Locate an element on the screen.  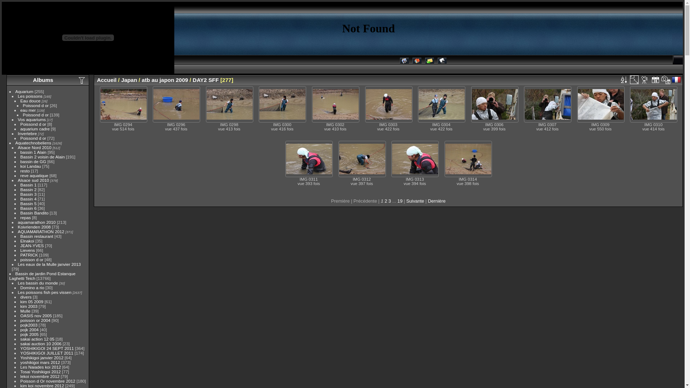
'IMG 0303 (422 visites)' is located at coordinates (388, 104).